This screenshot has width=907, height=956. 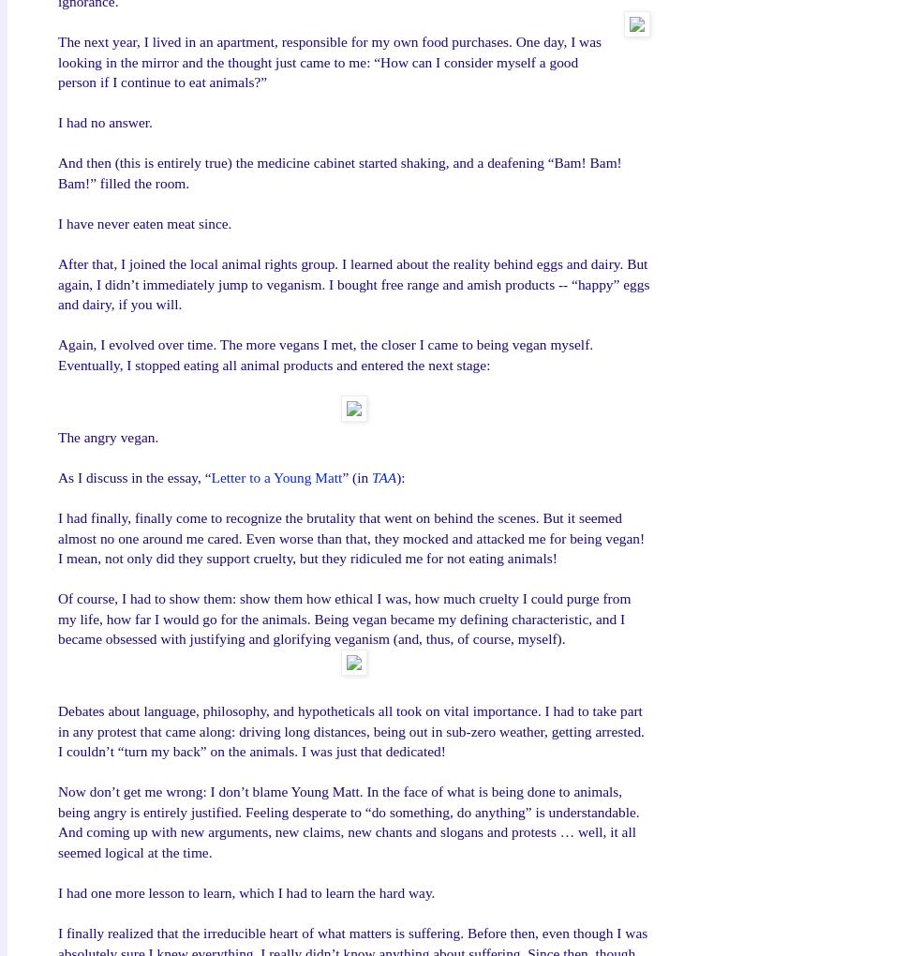 I want to click on 'I had finally, finally come to recognize the brutality that went on behind the scenes. But it seemed almost no one around me cared. Even worse than that, they mocked and attacked me for being vegan! I mean, not only did they support cruelty, but they ridiculed me for not eating animals!', so click(x=350, y=537).